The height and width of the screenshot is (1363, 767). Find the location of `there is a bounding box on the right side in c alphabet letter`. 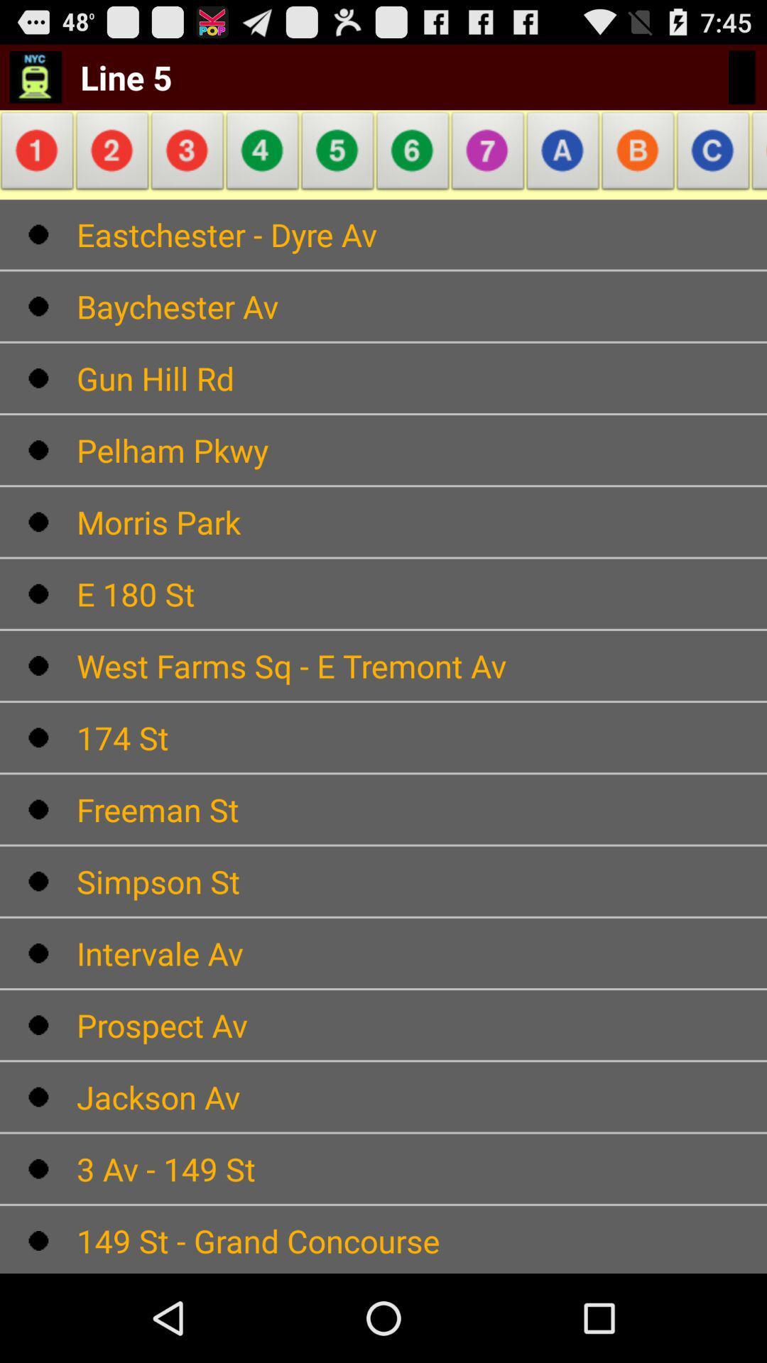

there is a bounding box on the right side in c alphabet letter is located at coordinates (713, 154).